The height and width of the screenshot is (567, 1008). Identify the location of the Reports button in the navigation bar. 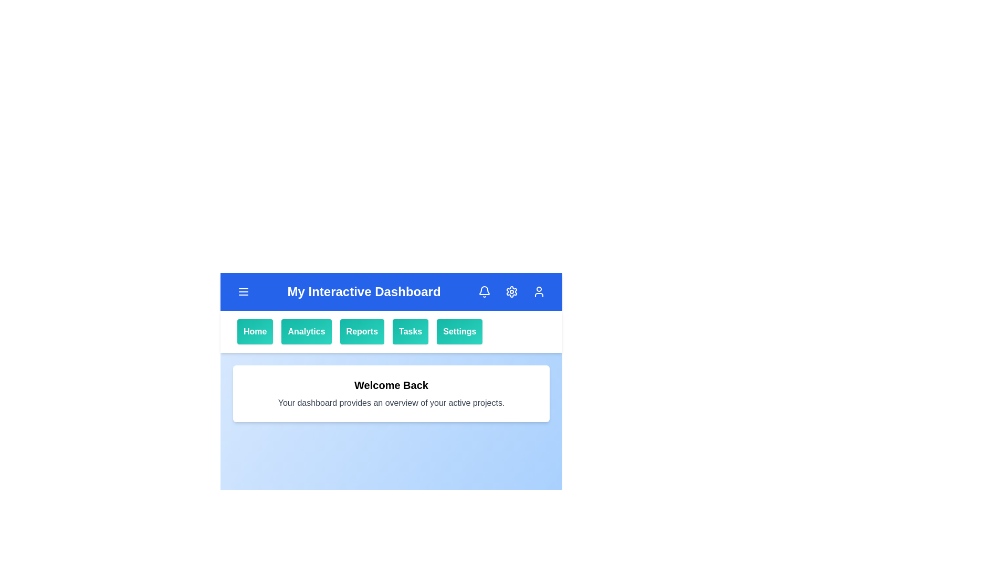
(362, 332).